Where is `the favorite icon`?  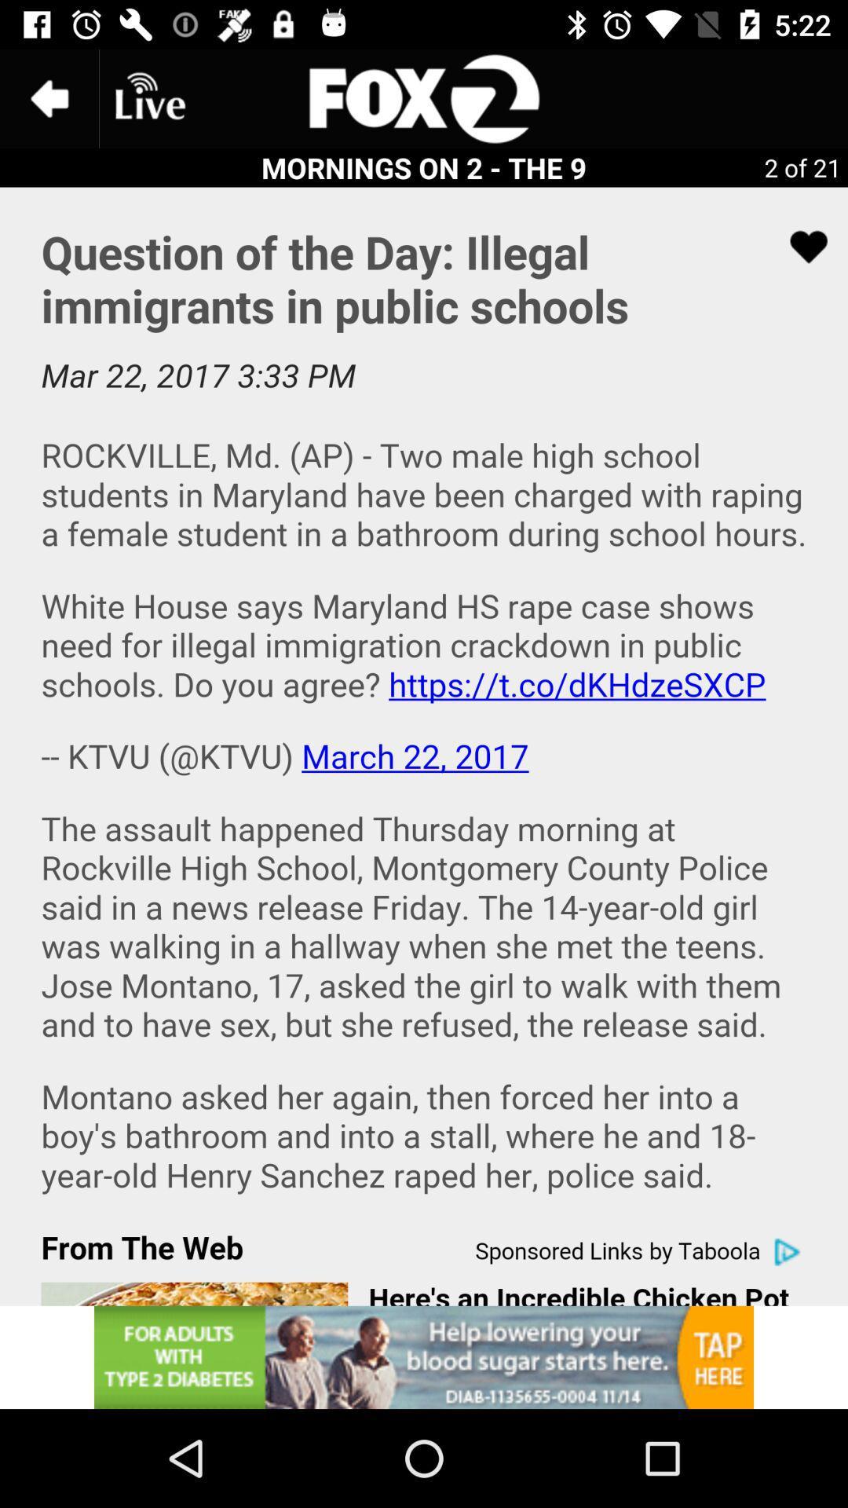 the favorite icon is located at coordinates (799, 246).